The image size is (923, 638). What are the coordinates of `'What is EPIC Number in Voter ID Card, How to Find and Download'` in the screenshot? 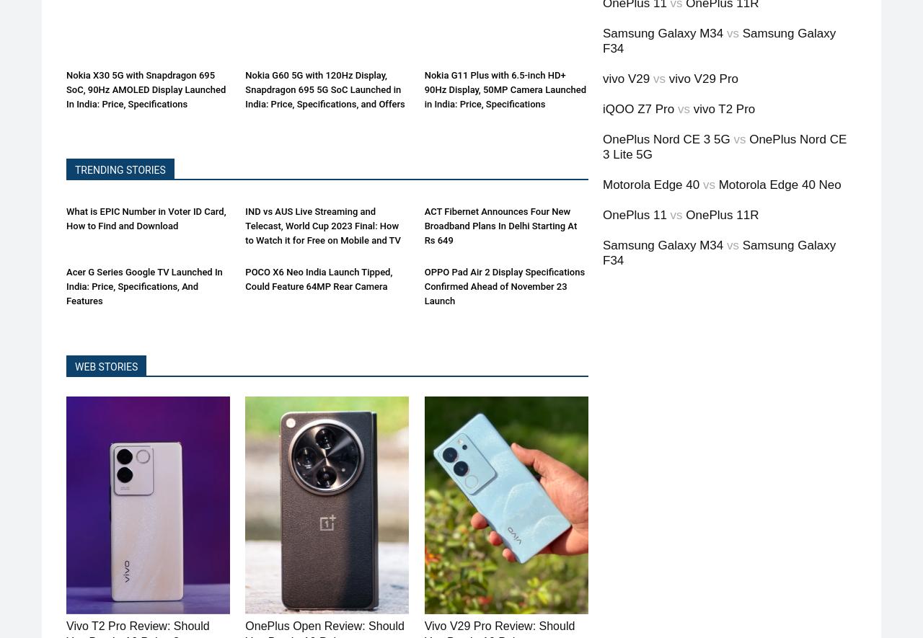 It's located at (146, 217).